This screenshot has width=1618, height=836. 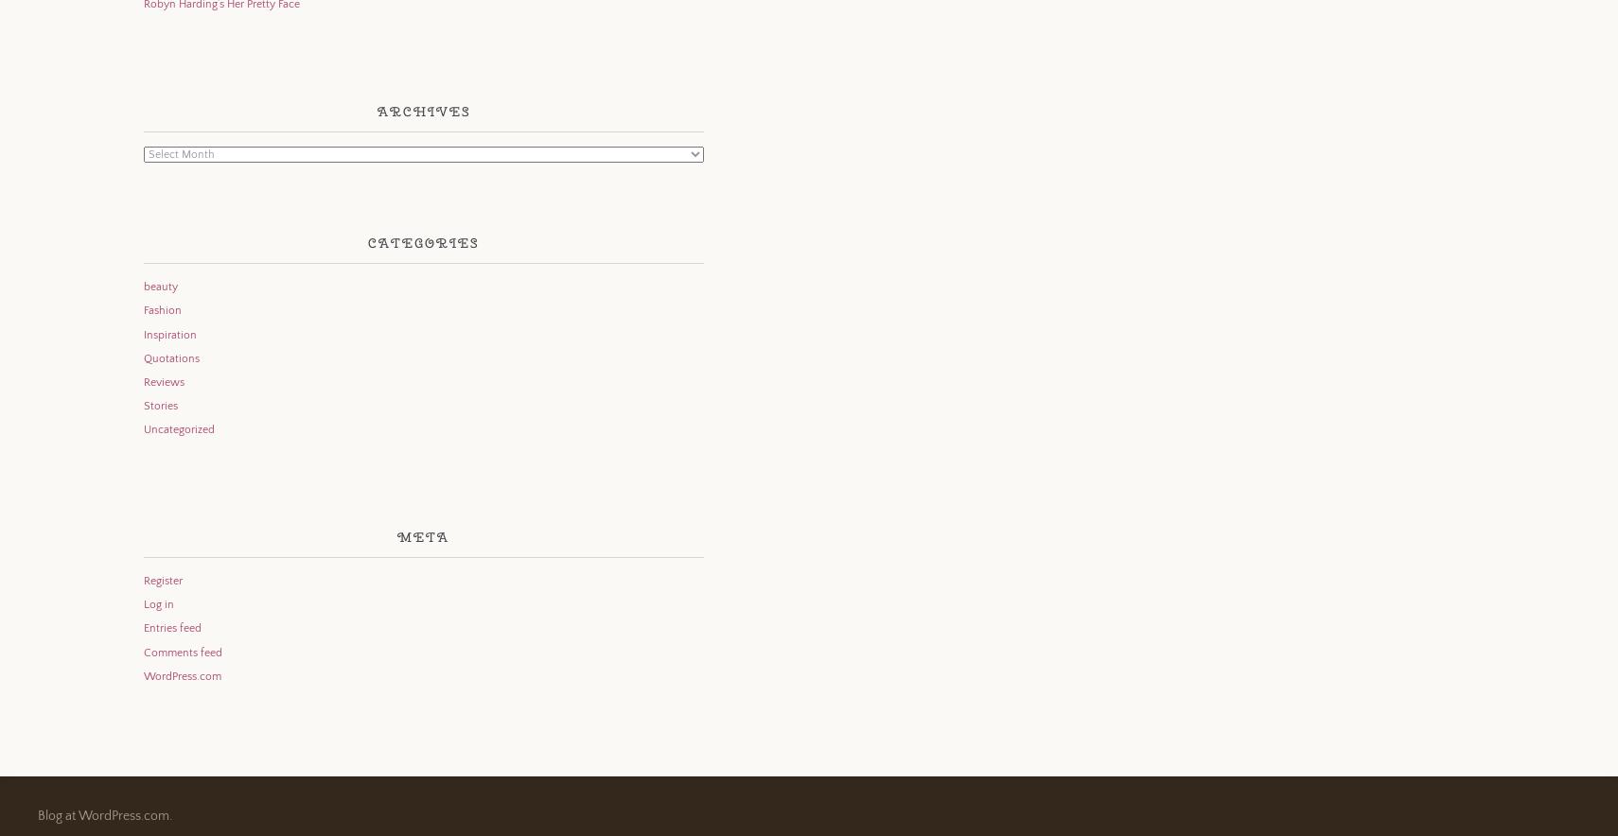 What do you see at coordinates (168, 333) in the screenshot?
I see `'Inspiration'` at bounding box center [168, 333].